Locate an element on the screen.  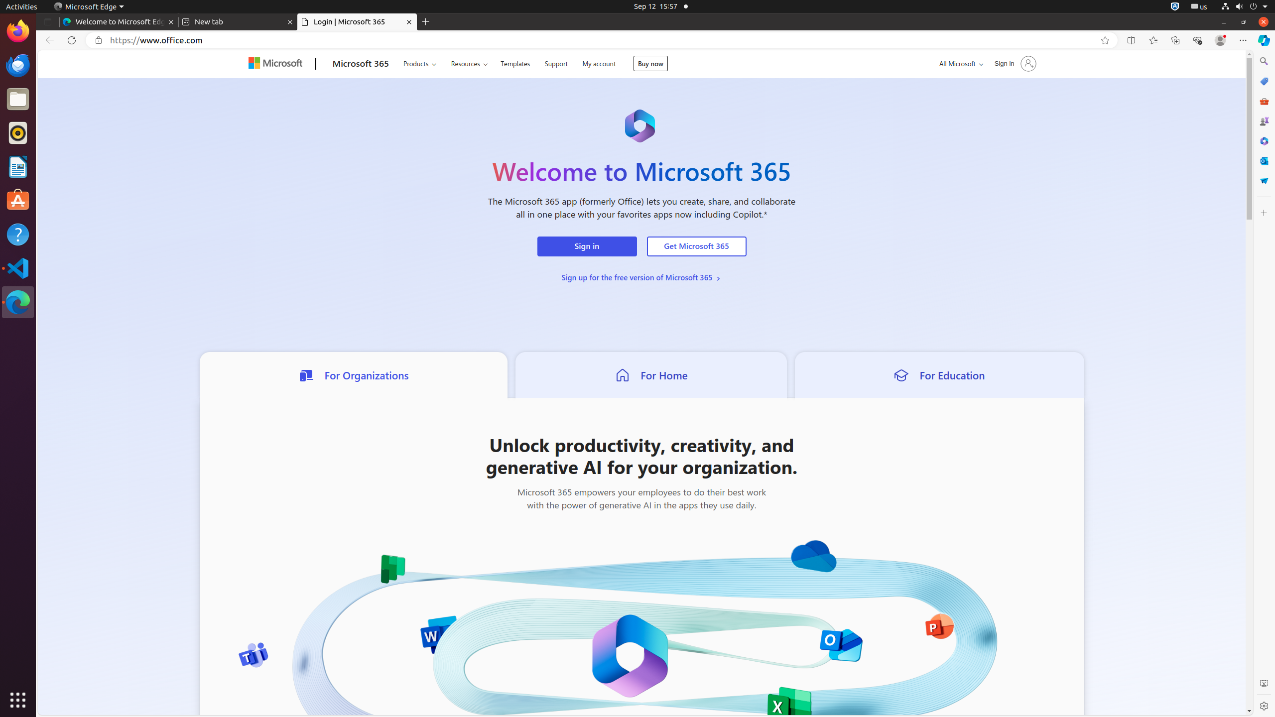
'For Education' is located at coordinates (938, 374).